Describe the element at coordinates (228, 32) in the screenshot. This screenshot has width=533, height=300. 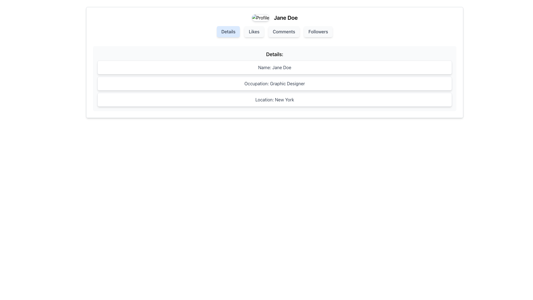
I see `the first button in the horizontal group of buttons located below the profile name 'Jane Doe' to trigger hover effects` at that location.